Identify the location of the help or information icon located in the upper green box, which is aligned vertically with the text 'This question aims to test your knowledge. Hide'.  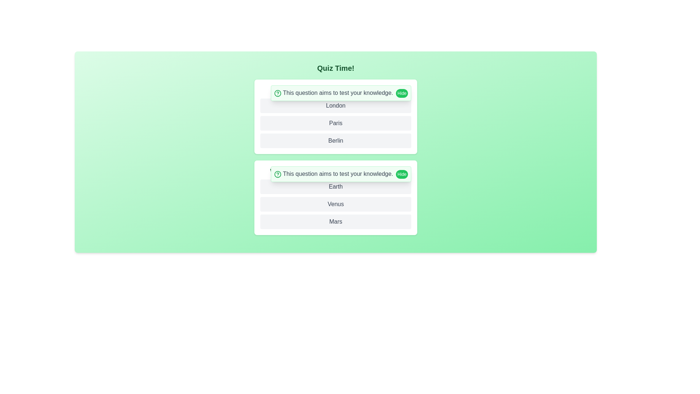
(277, 93).